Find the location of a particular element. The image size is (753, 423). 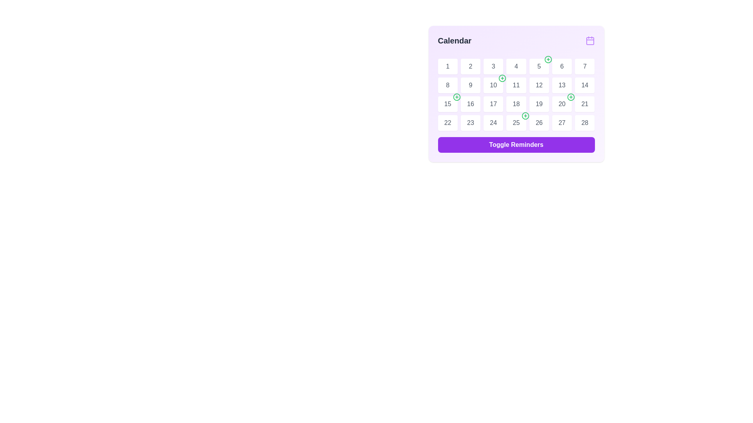

the interactive calendar cell representing the 22nd day of the month is located at coordinates (447, 123).